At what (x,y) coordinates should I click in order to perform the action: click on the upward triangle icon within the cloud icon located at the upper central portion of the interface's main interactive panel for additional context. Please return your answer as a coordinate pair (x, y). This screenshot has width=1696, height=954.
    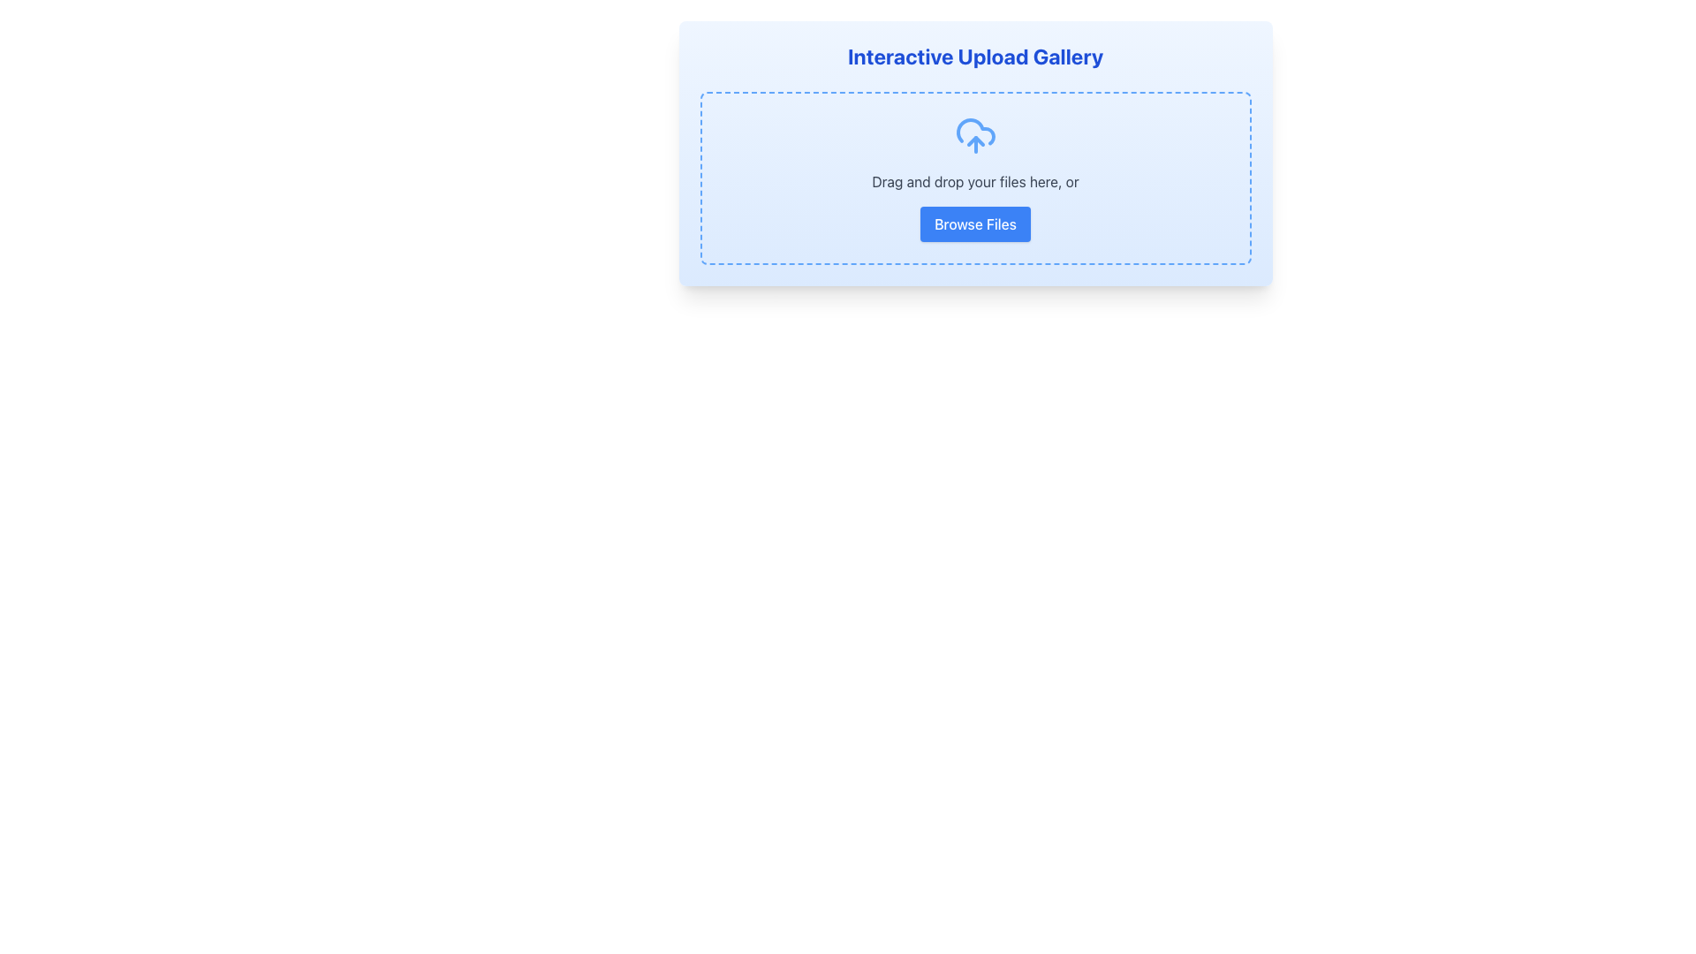
    Looking at the image, I should click on (974, 140).